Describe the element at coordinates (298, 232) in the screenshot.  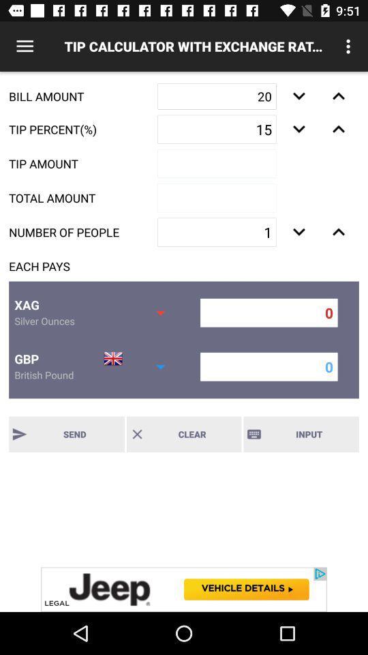
I see `the expand_more icon` at that location.